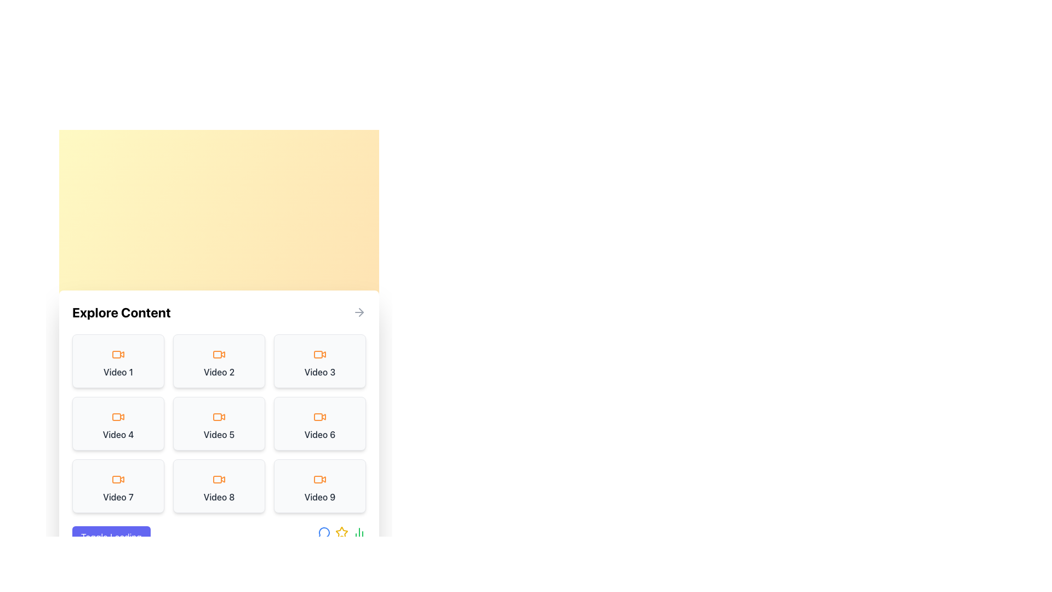 This screenshot has height=592, width=1052. I want to click on the clickable card labeled 'Video 4' which is part of a grid layout, located in the second row and first column, so click(118, 423).